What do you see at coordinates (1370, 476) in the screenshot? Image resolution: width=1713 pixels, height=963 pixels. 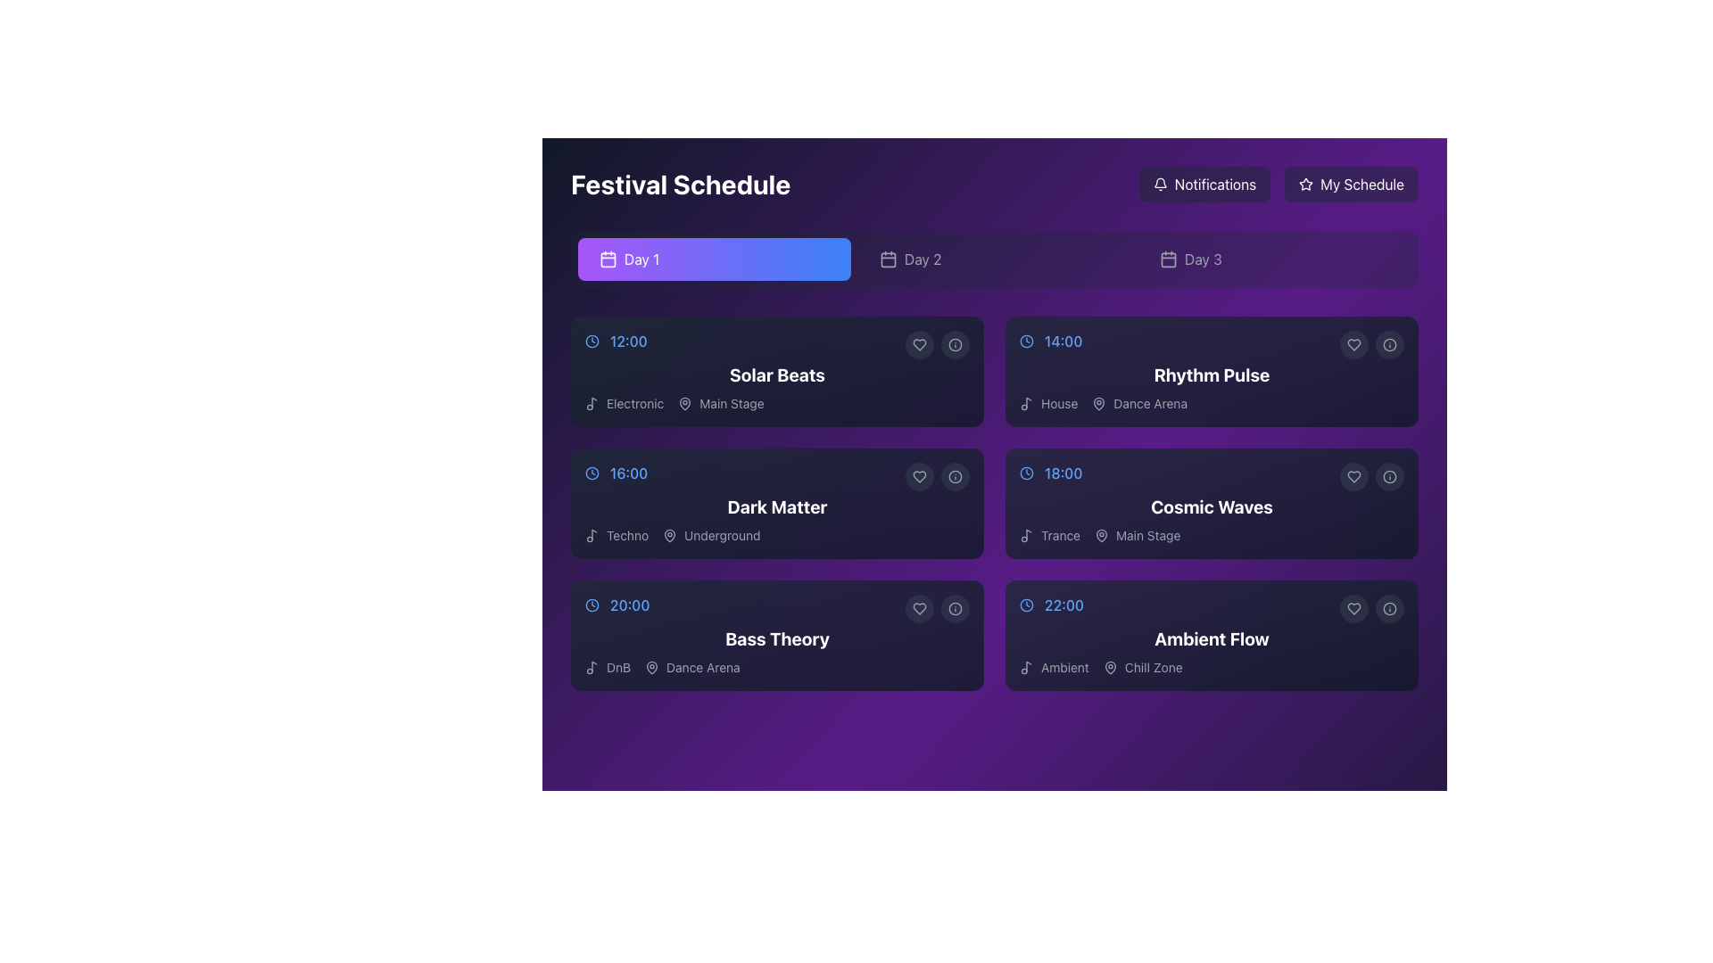 I see `the grouped UI component containing the heart and information circular buttons for the 'Cosmic Waves' event` at bounding box center [1370, 476].